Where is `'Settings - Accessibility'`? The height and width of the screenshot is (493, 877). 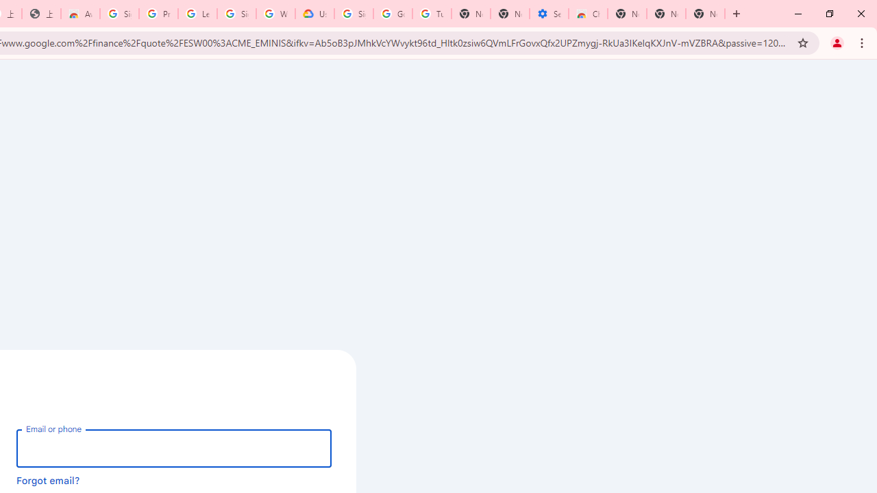 'Settings - Accessibility' is located at coordinates (549, 14).